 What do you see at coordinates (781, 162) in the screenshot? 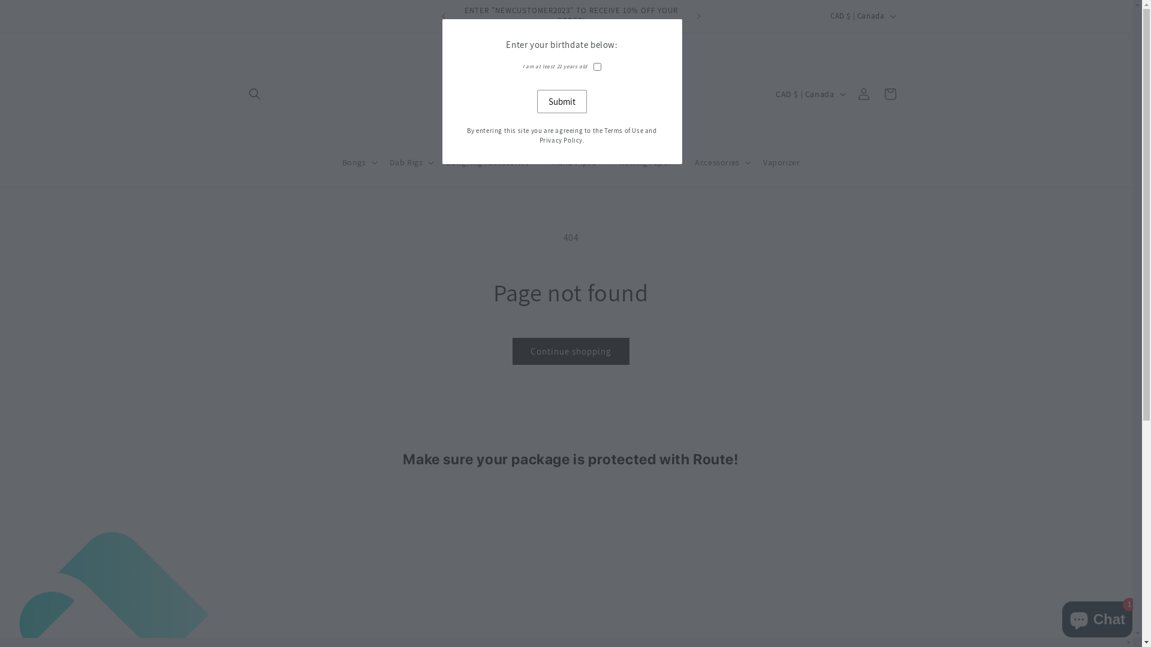
I see `'Vaporizer'` at bounding box center [781, 162].